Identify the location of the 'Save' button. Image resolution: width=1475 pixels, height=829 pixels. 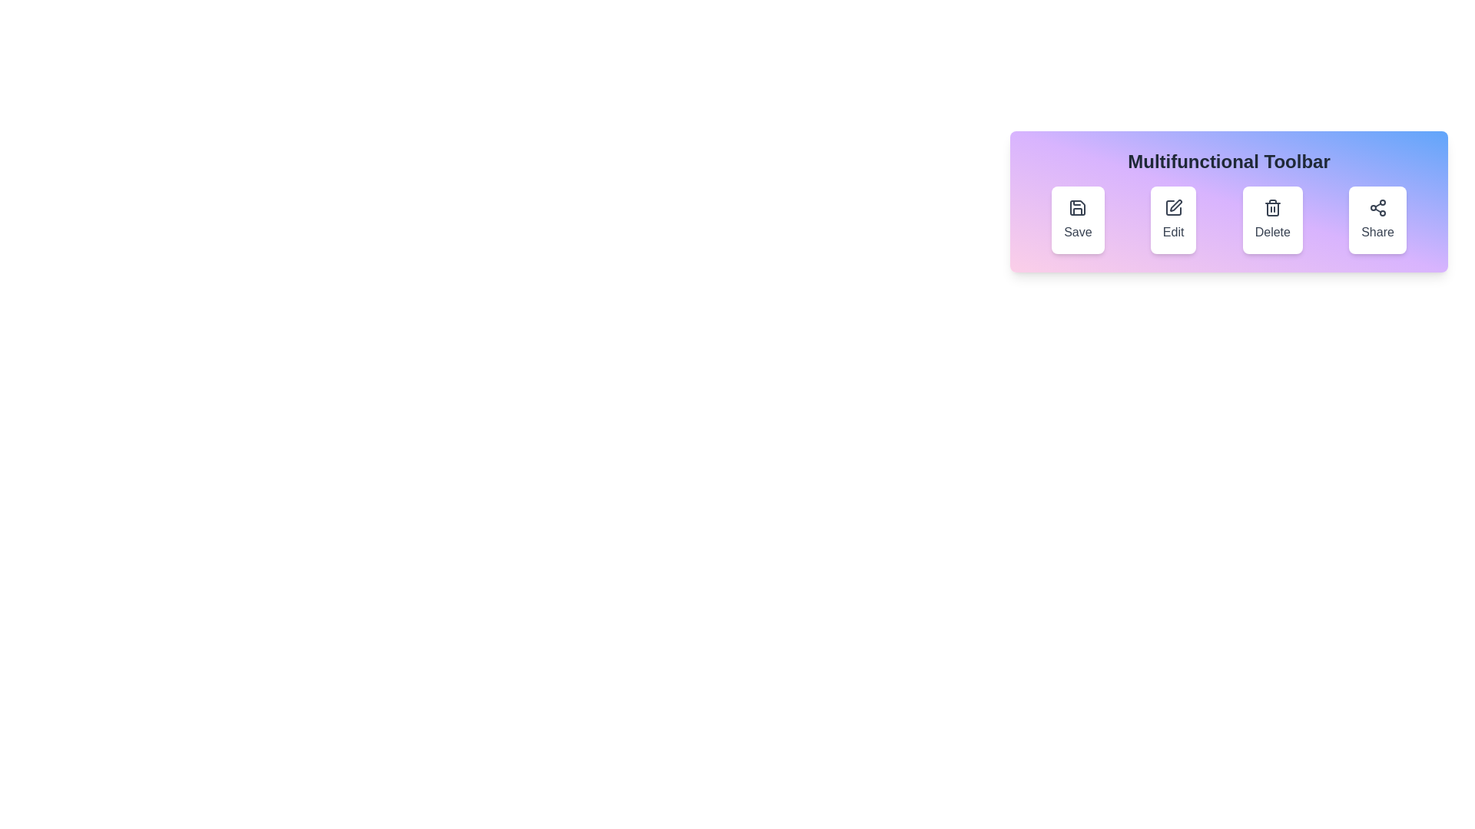
(1077, 207).